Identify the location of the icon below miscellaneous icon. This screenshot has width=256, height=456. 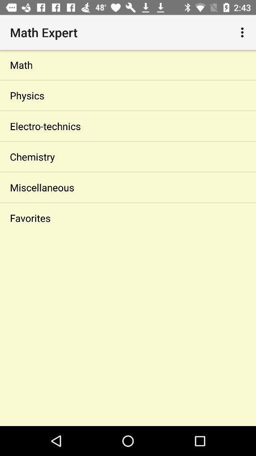
(128, 218).